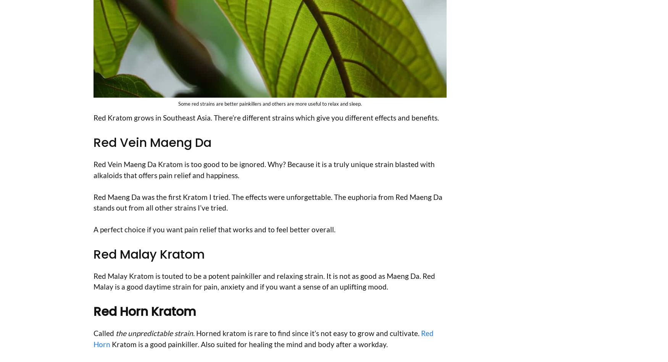 The height and width of the screenshot is (362, 668). I want to click on 'Called', so click(94, 333).